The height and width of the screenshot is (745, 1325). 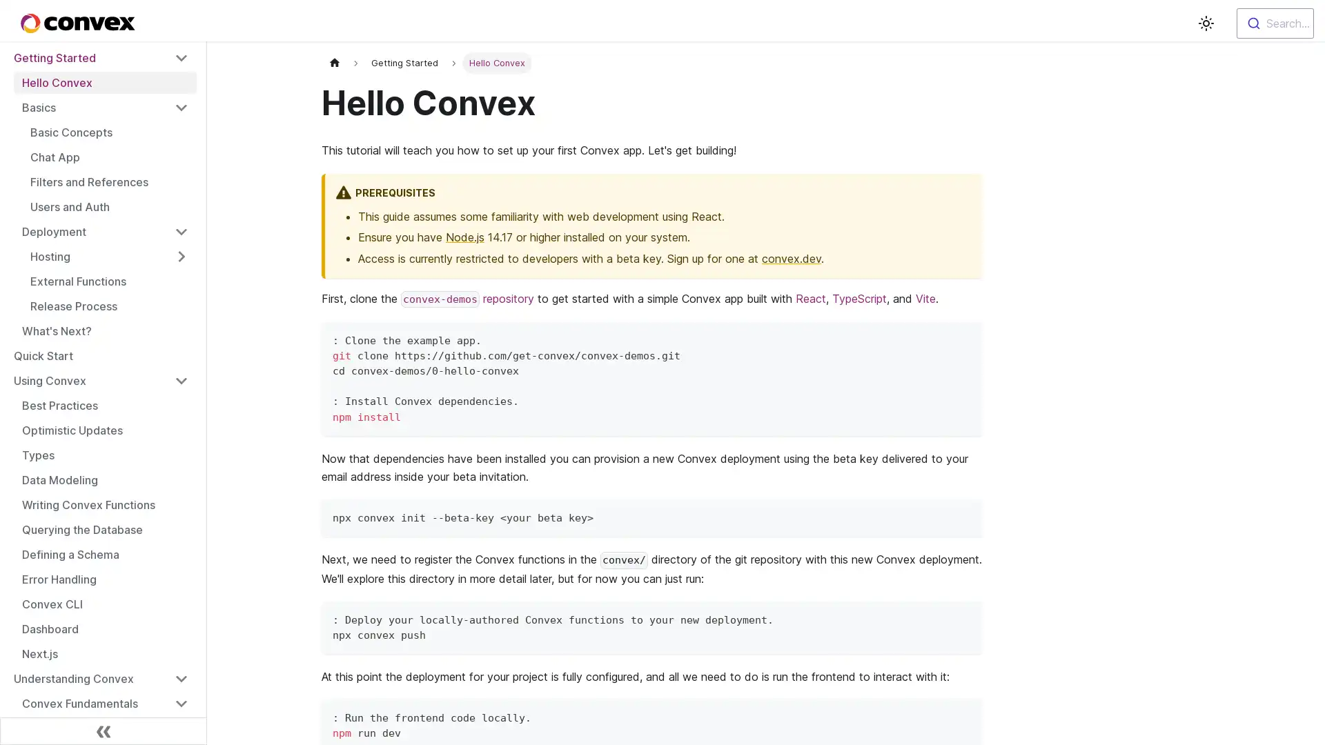 I want to click on Toggle the collapsible sidebar category 'Getting Started', so click(x=181, y=57).